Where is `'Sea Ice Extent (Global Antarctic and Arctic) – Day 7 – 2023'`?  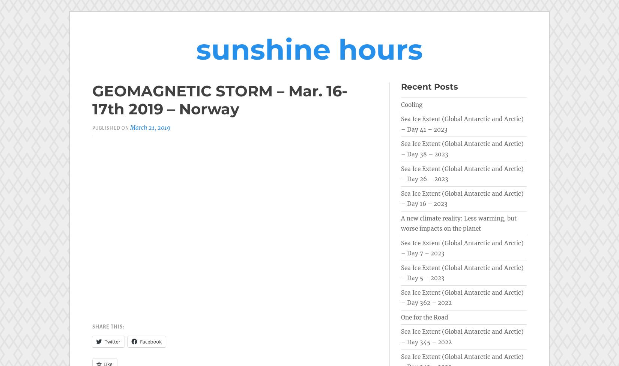
'Sea Ice Extent (Global Antarctic and Arctic) – Day 7 – 2023' is located at coordinates (462, 247).